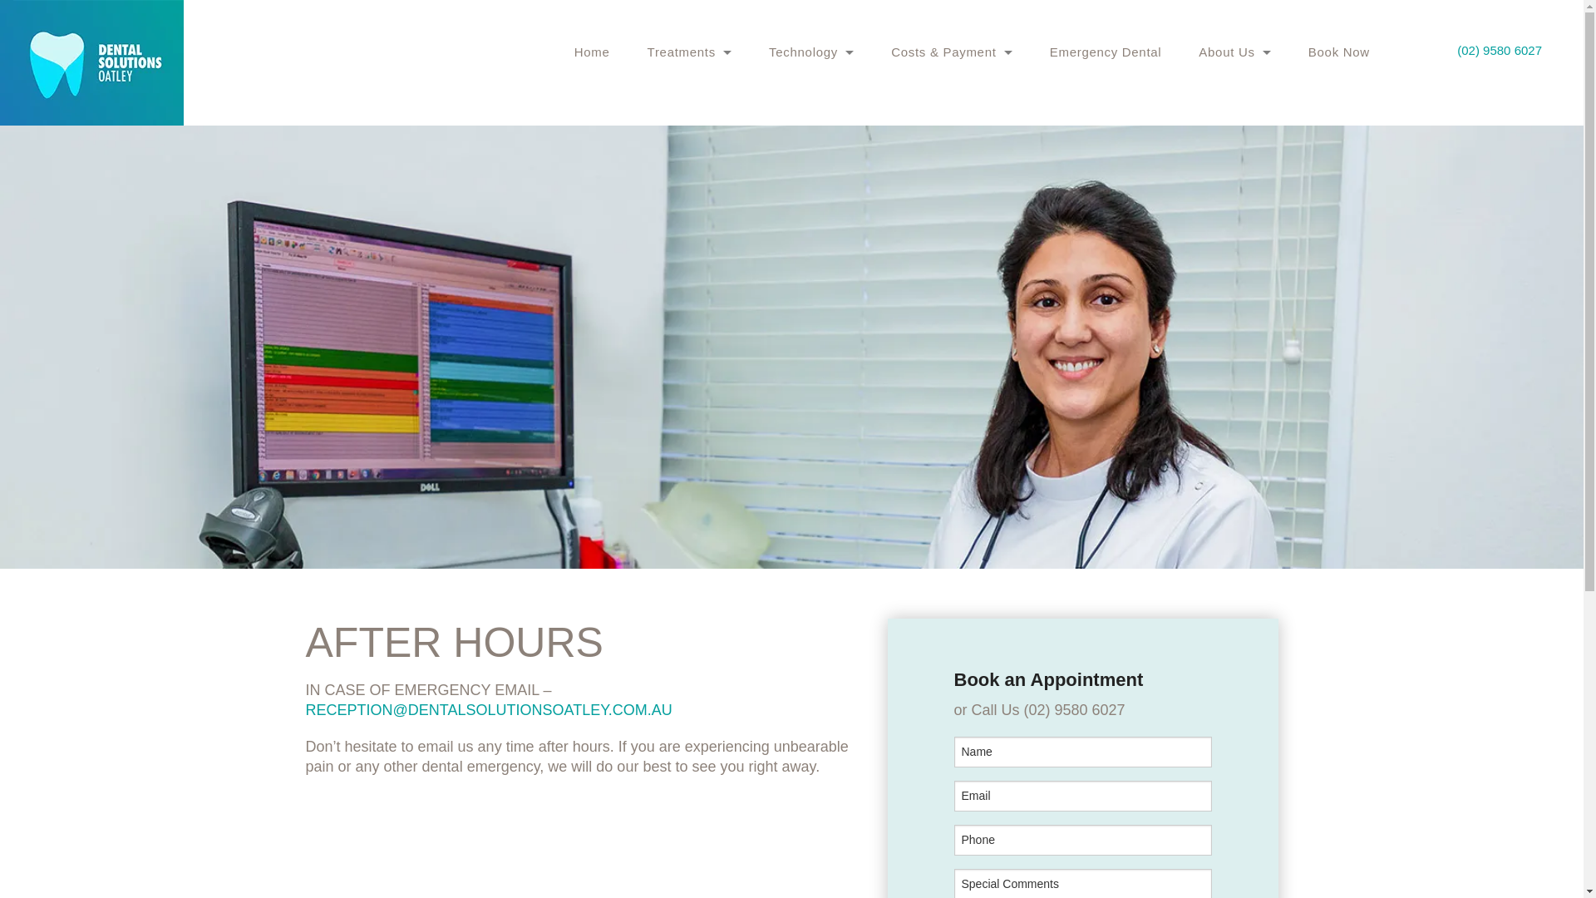  Describe the element at coordinates (1198, 94) in the screenshot. I see `'Our Team'` at that location.